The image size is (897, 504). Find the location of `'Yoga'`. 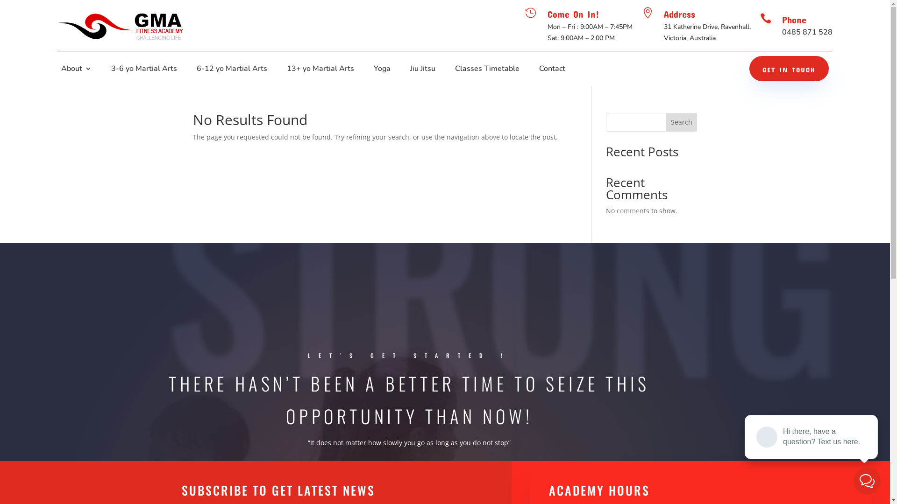

'Yoga' is located at coordinates (382, 70).